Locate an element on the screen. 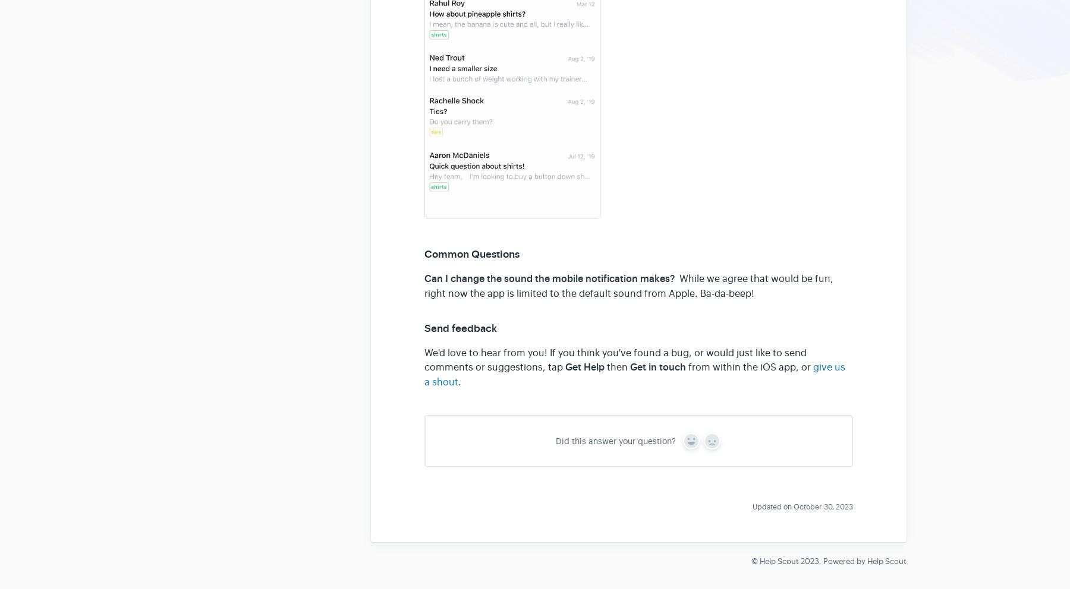 Image resolution: width=1070 pixels, height=589 pixels. 'Can I change the sound the mobile notification makes?' is located at coordinates (549, 278).